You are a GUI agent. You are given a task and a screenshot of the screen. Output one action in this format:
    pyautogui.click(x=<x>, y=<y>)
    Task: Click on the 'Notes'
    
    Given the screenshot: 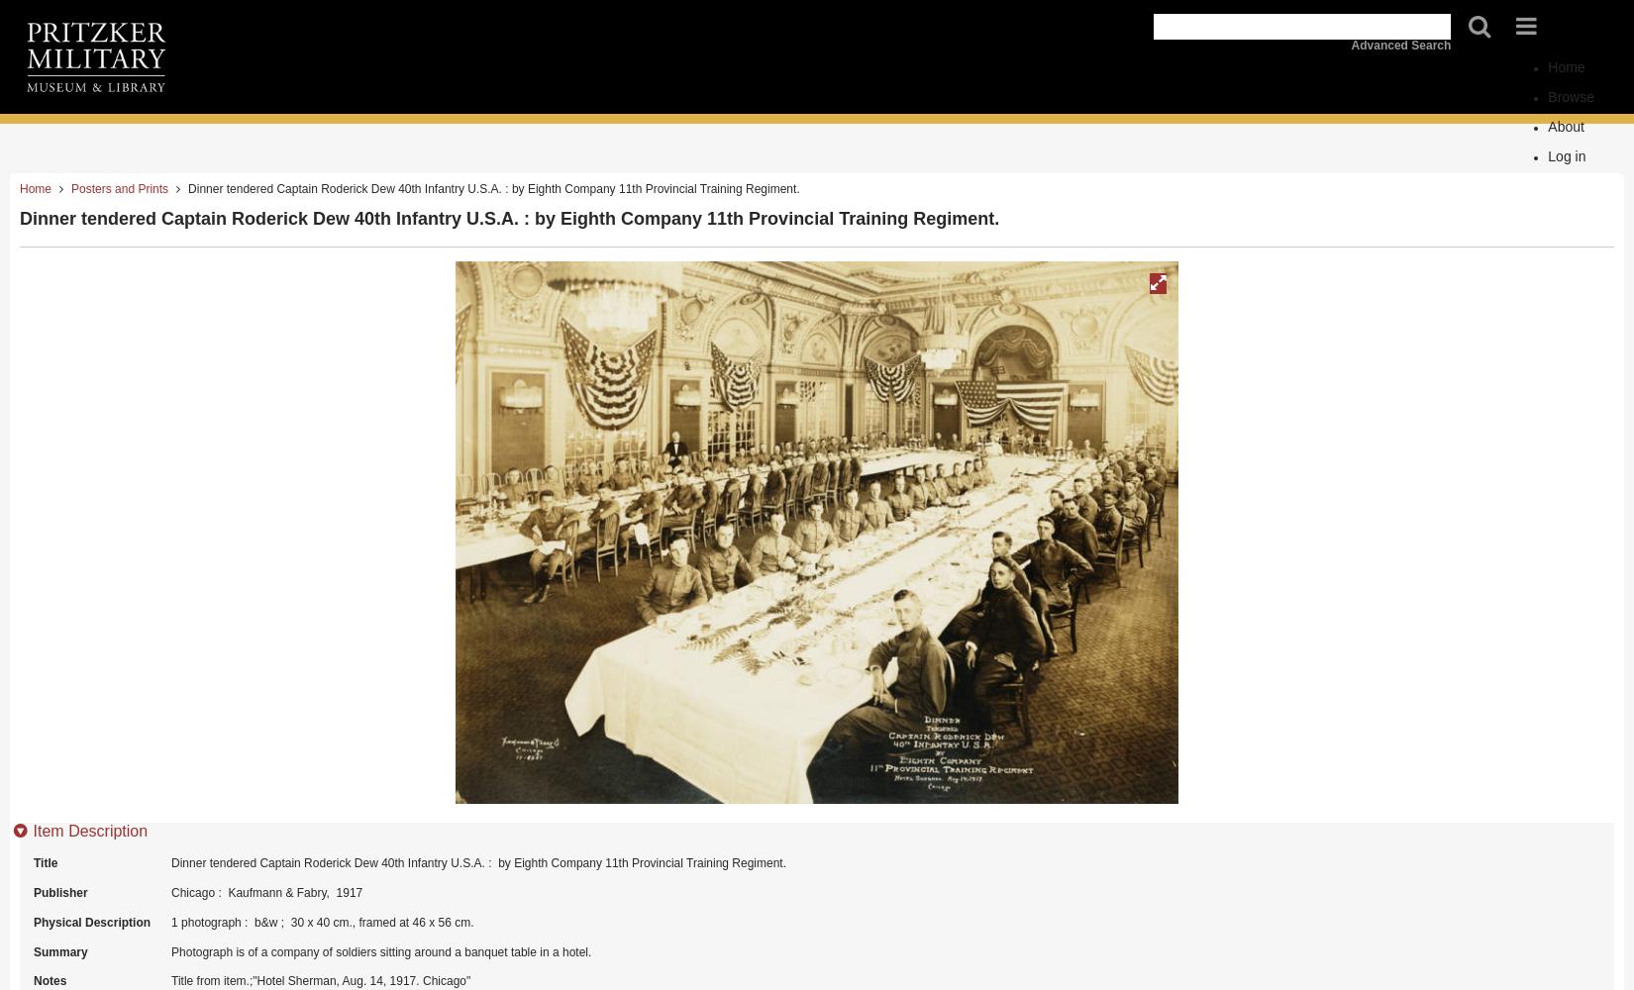 What is the action you would take?
    pyautogui.click(x=50, y=980)
    